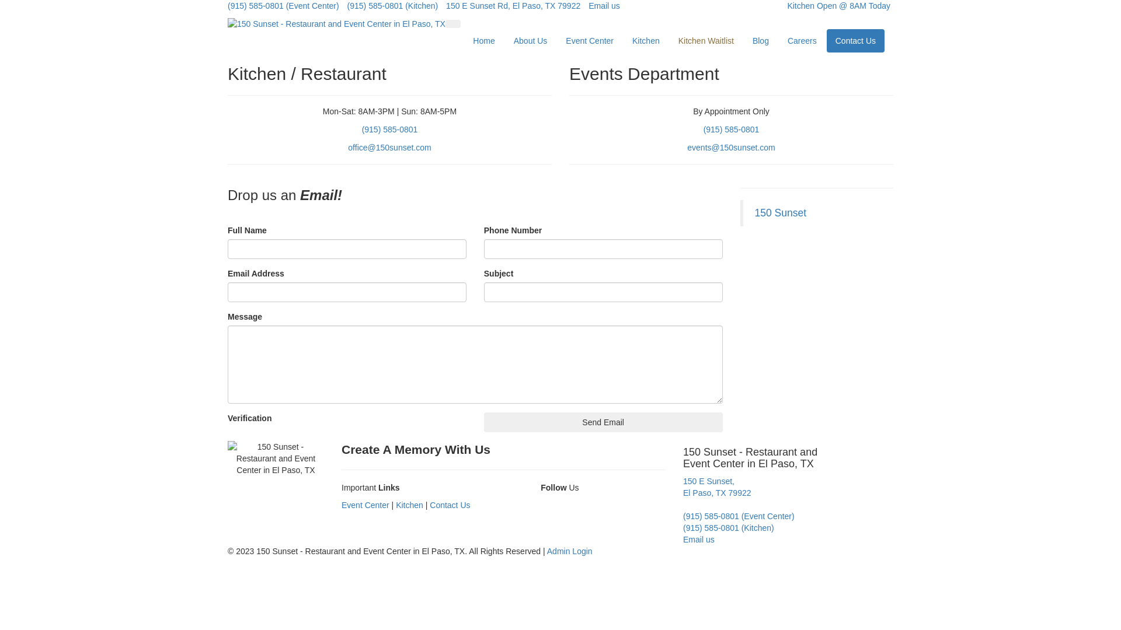  Describe the element at coordinates (716, 487) in the screenshot. I see `'150 E Sunset,` at that location.